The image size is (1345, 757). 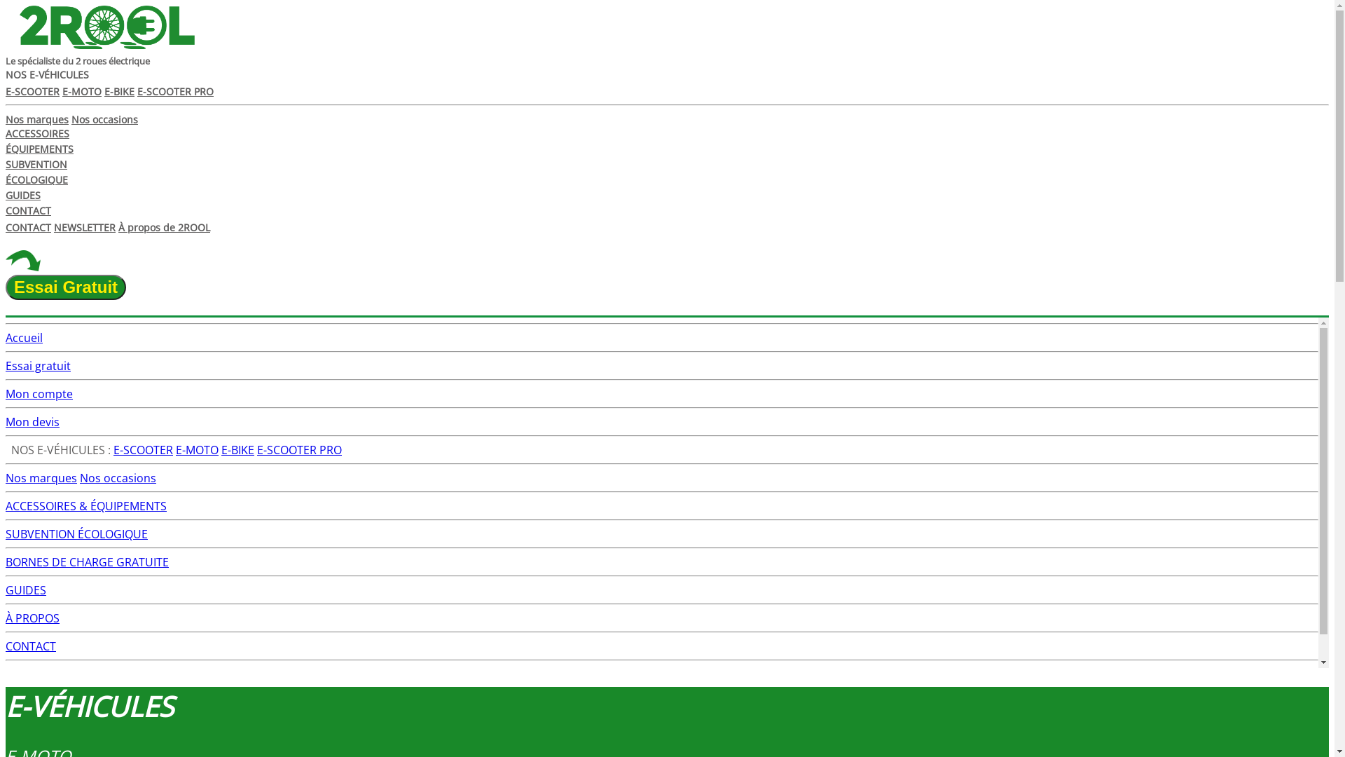 I want to click on 'Nos occasions', so click(x=104, y=118).